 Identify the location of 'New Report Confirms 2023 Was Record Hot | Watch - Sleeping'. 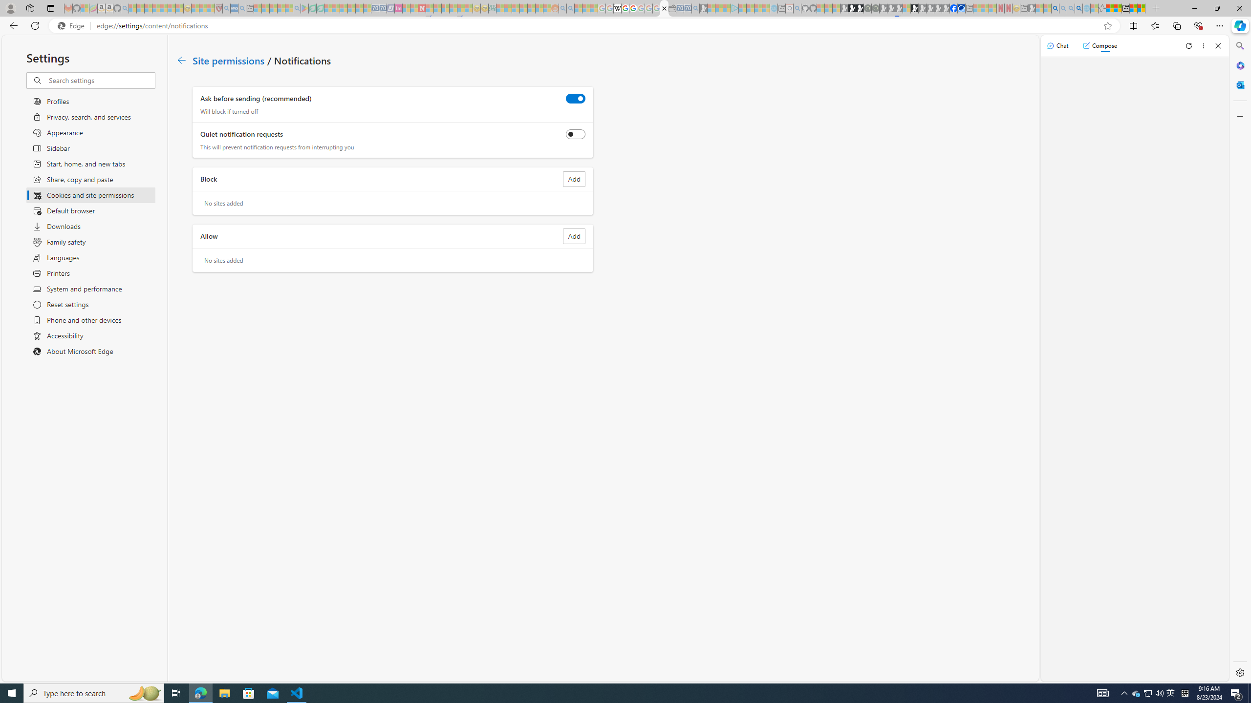
(164, 8).